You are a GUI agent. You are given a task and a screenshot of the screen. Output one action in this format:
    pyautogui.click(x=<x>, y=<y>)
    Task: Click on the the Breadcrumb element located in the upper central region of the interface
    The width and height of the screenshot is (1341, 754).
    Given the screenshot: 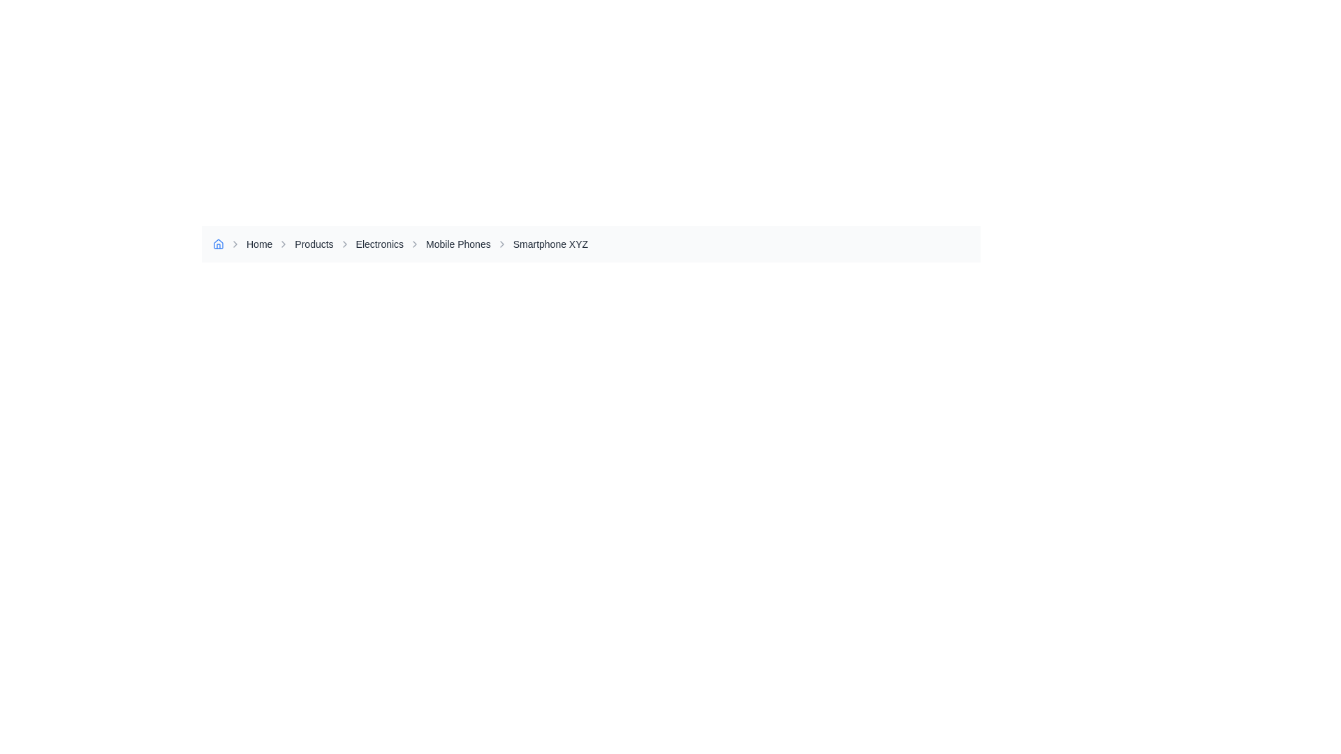 What is the action you would take?
    pyautogui.click(x=591, y=244)
    